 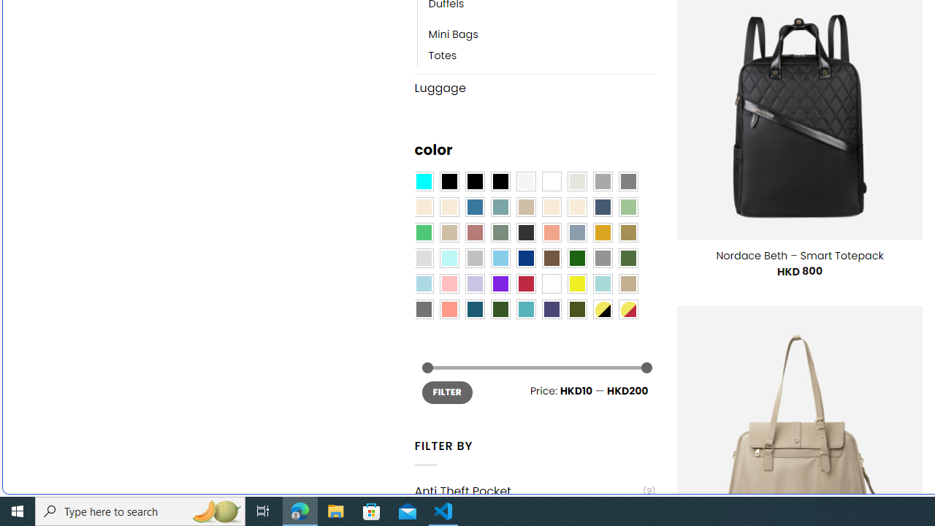 I want to click on 'Gray', so click(x=602, y=258).